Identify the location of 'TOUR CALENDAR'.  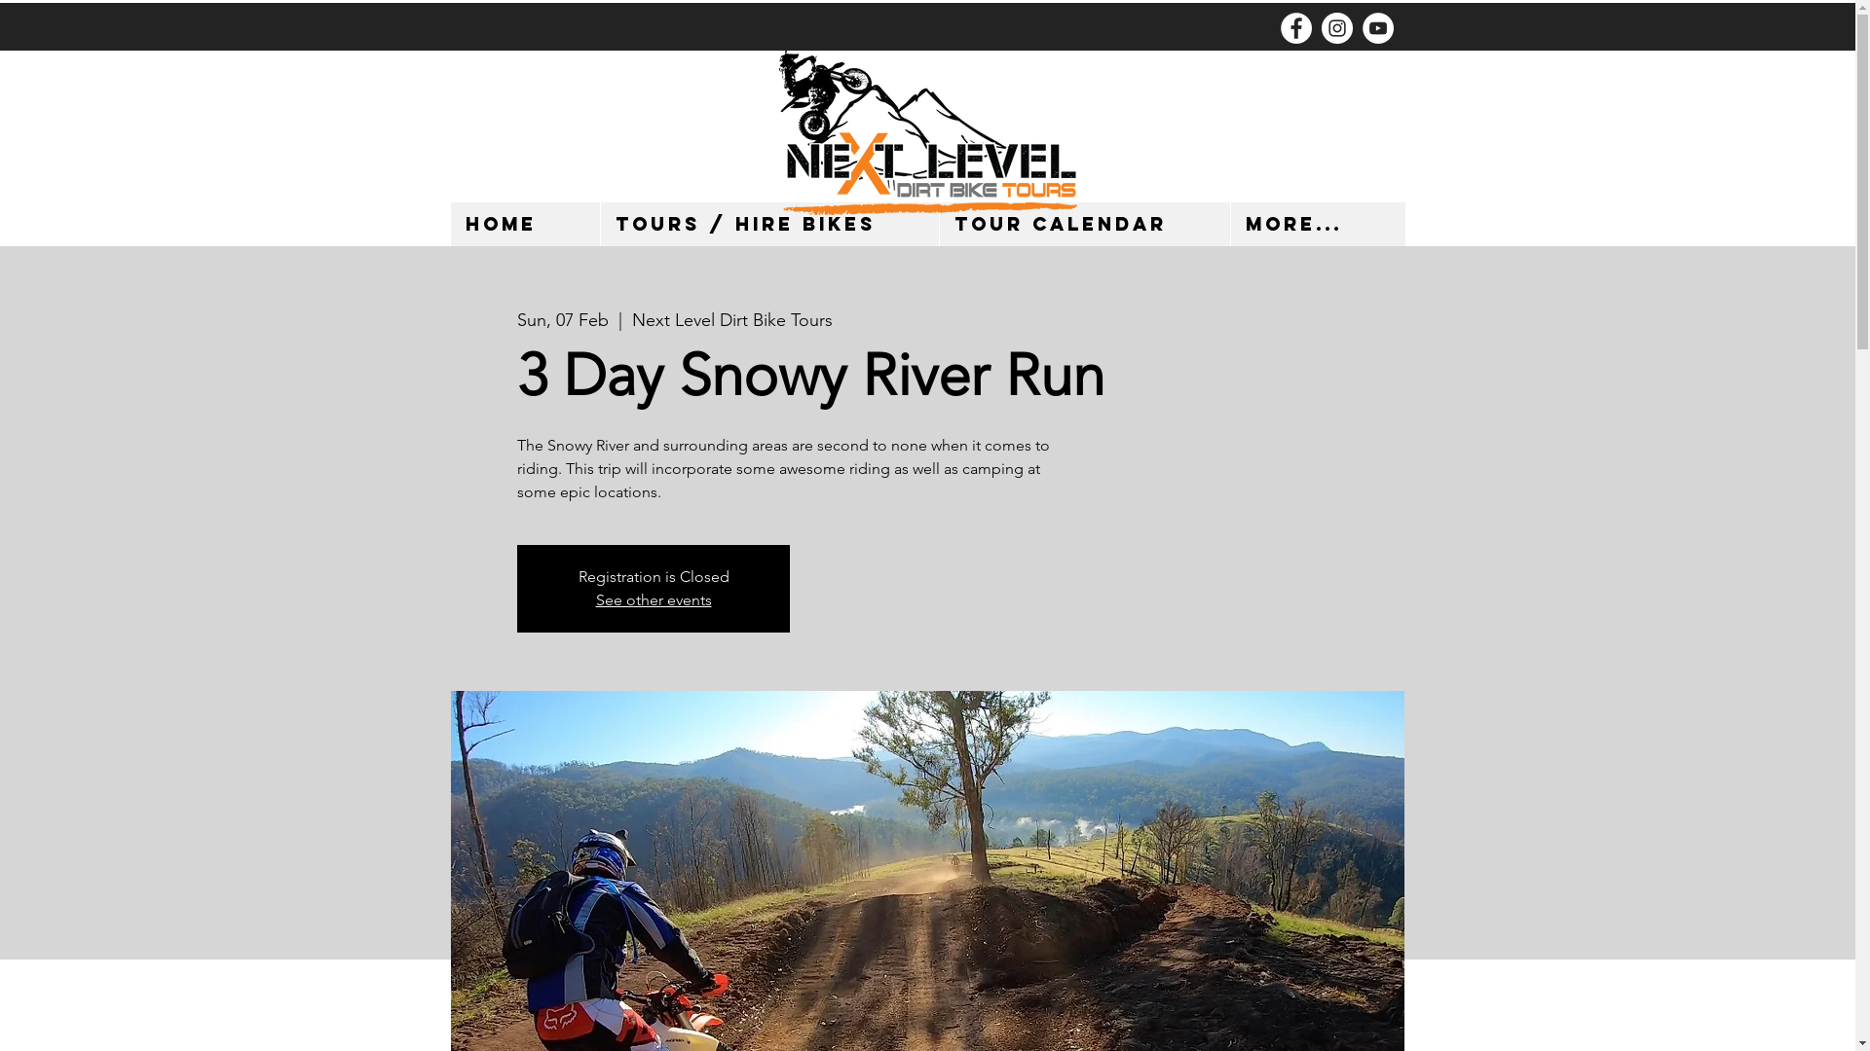
(1083, 223).